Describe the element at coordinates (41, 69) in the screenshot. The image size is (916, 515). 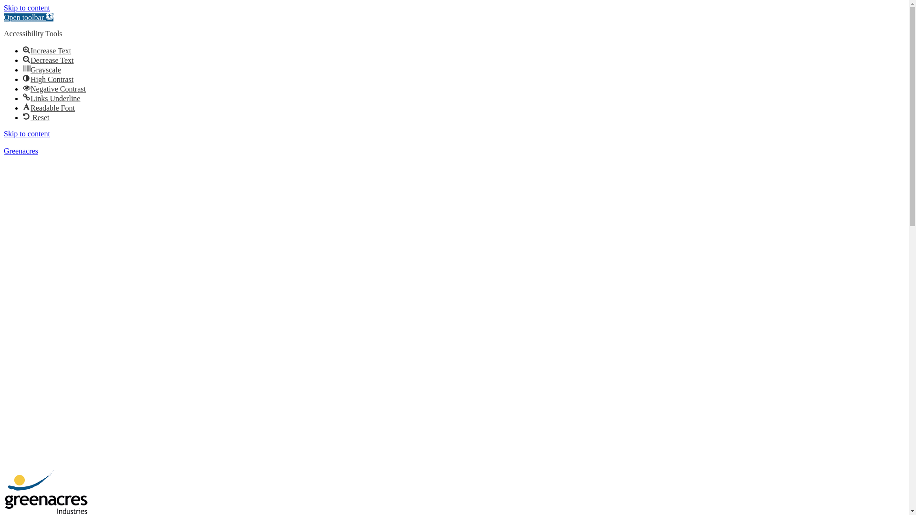
I see `'GrayscaleGrayscale'` at that location.